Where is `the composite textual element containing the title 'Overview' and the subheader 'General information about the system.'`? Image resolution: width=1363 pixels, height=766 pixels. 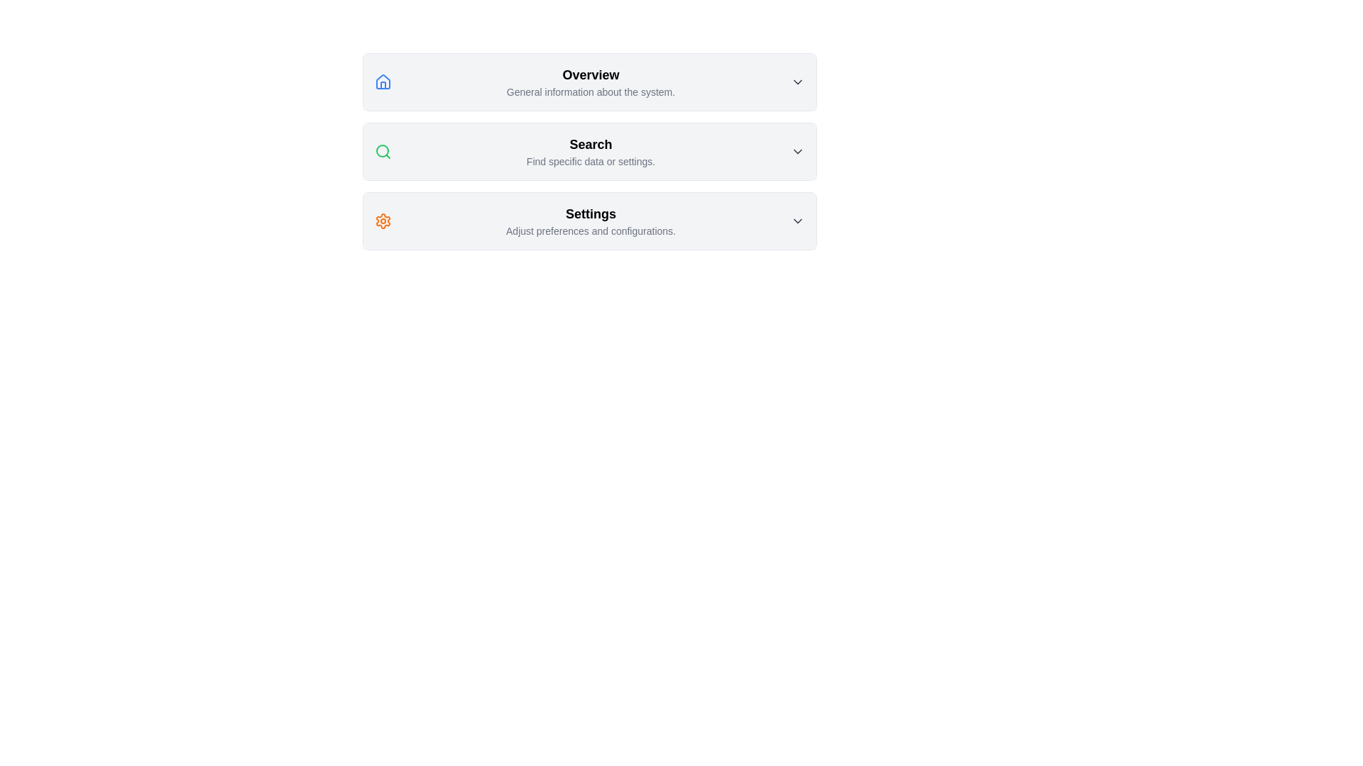 the composite textual element containing the title 'Overview' and the subheader 'General information about the system.' is located at coordinates (591, 82).